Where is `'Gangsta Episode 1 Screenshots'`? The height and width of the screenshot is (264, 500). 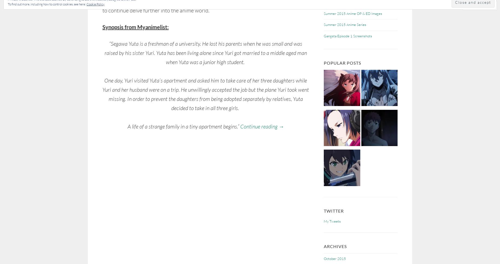
'Gangsta Episode 1 Screenshots' is located at coordinates (348, 35).